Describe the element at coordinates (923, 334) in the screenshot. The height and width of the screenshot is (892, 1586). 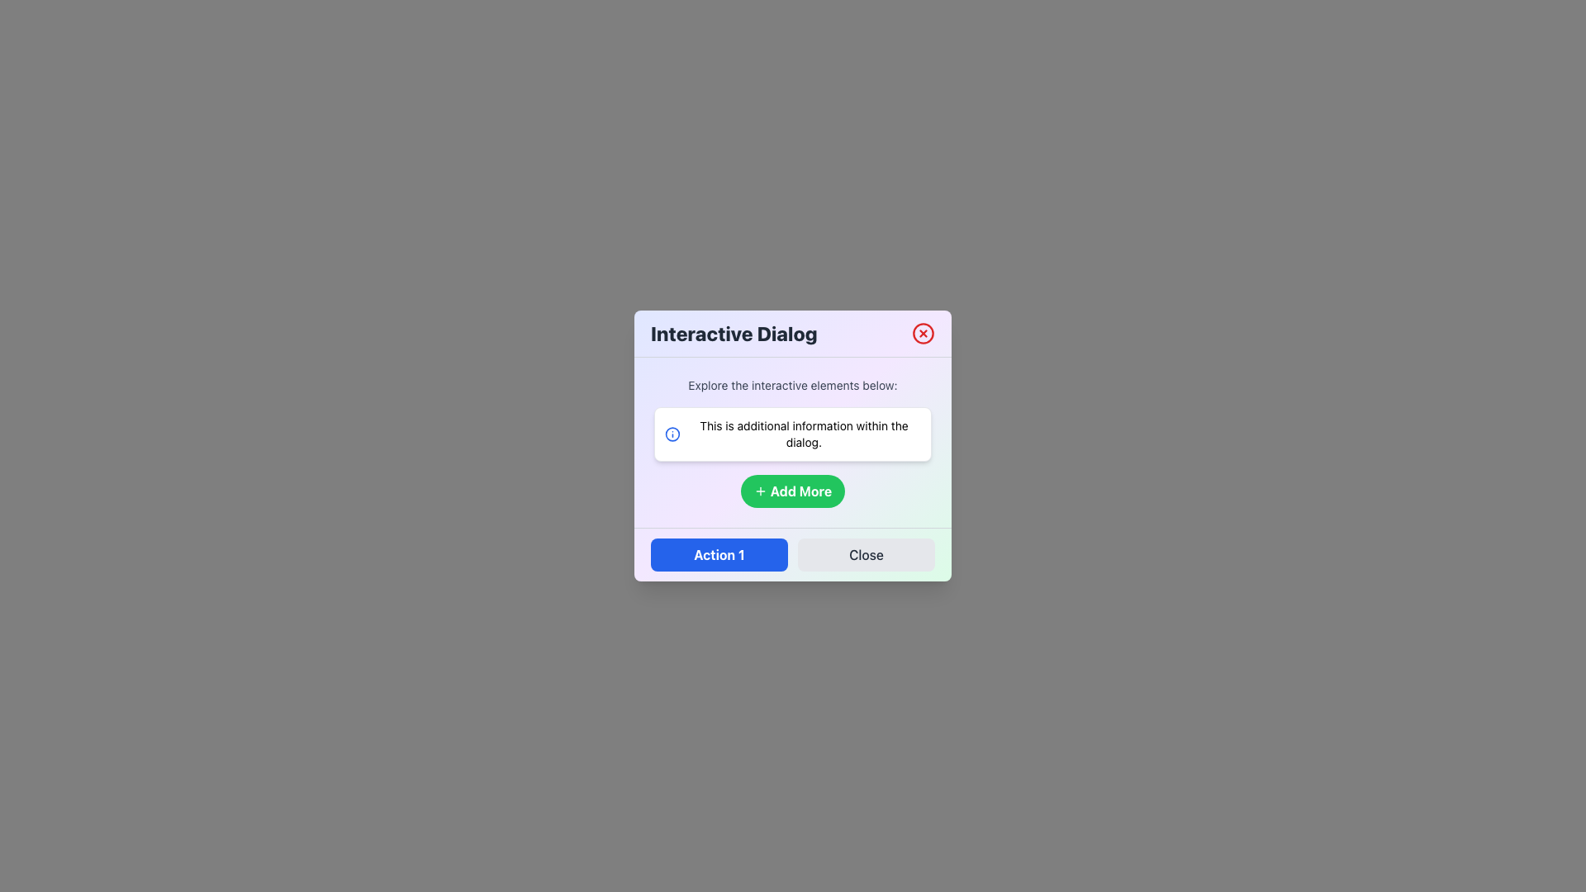
I see `the SVG circle graphic that serves as a decorative component of the close button located at the top-right corner of the modal dialog box` at that location.